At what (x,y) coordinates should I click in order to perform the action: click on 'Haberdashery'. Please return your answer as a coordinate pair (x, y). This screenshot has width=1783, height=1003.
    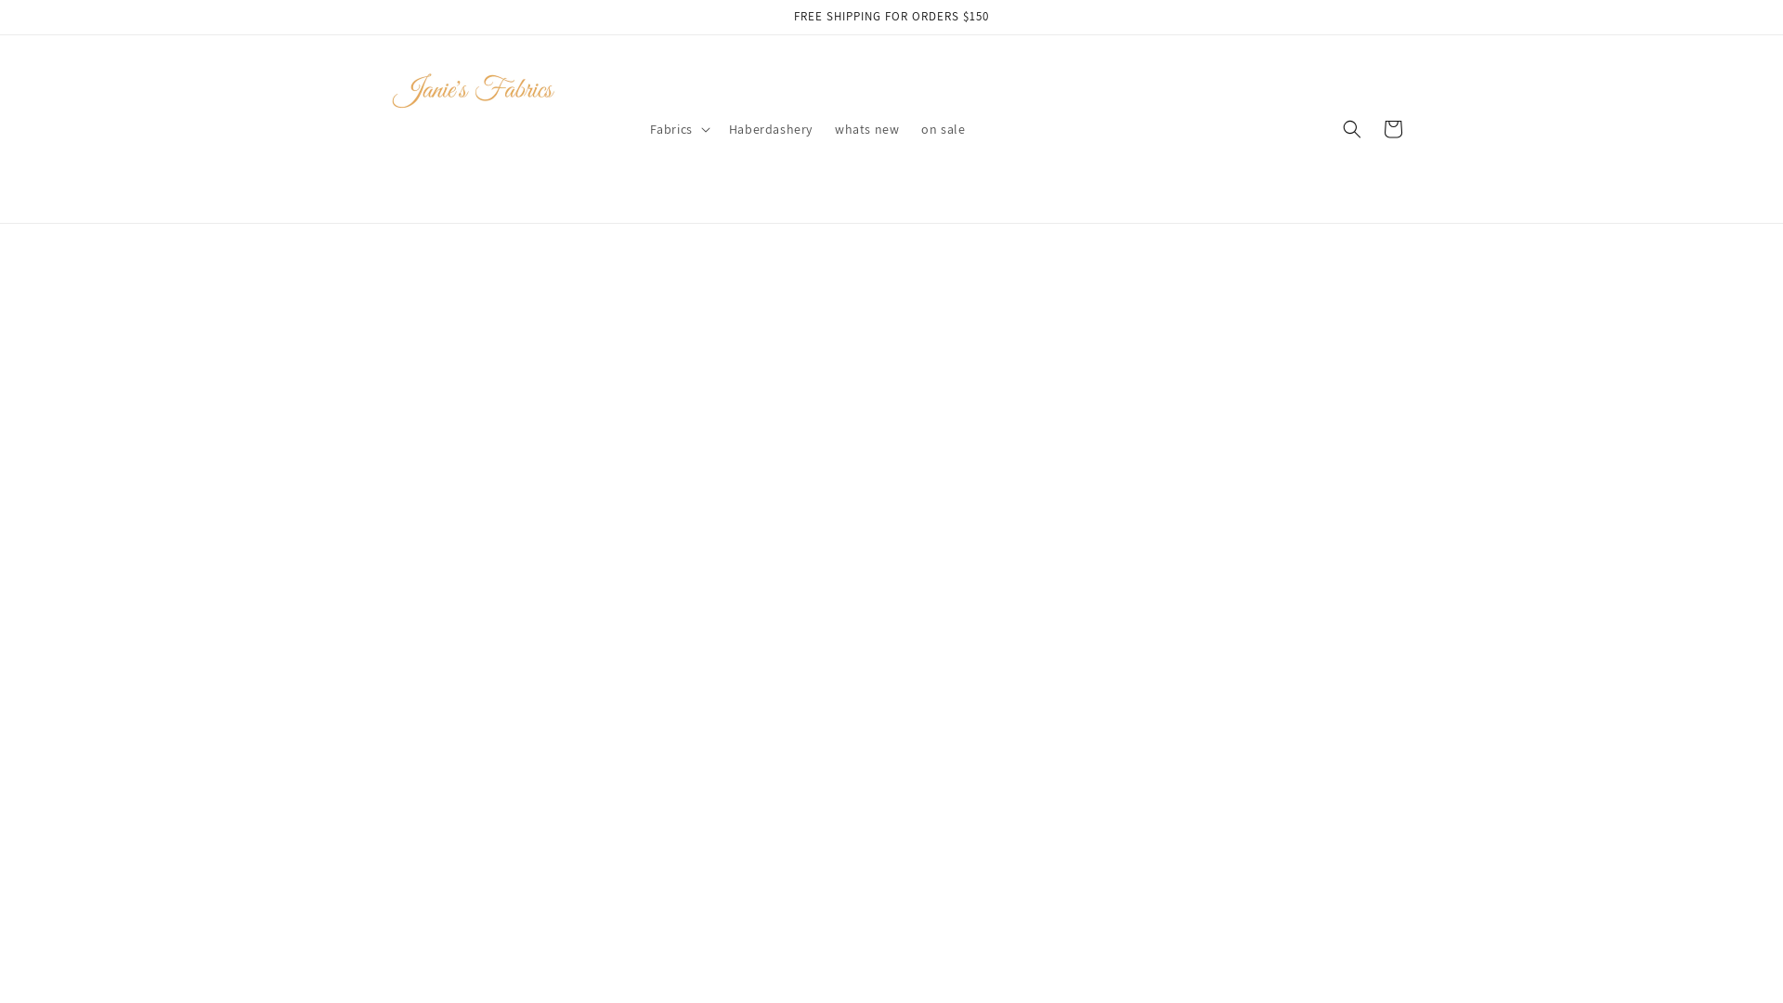
    Looking at the image, I should click on (771, 127).